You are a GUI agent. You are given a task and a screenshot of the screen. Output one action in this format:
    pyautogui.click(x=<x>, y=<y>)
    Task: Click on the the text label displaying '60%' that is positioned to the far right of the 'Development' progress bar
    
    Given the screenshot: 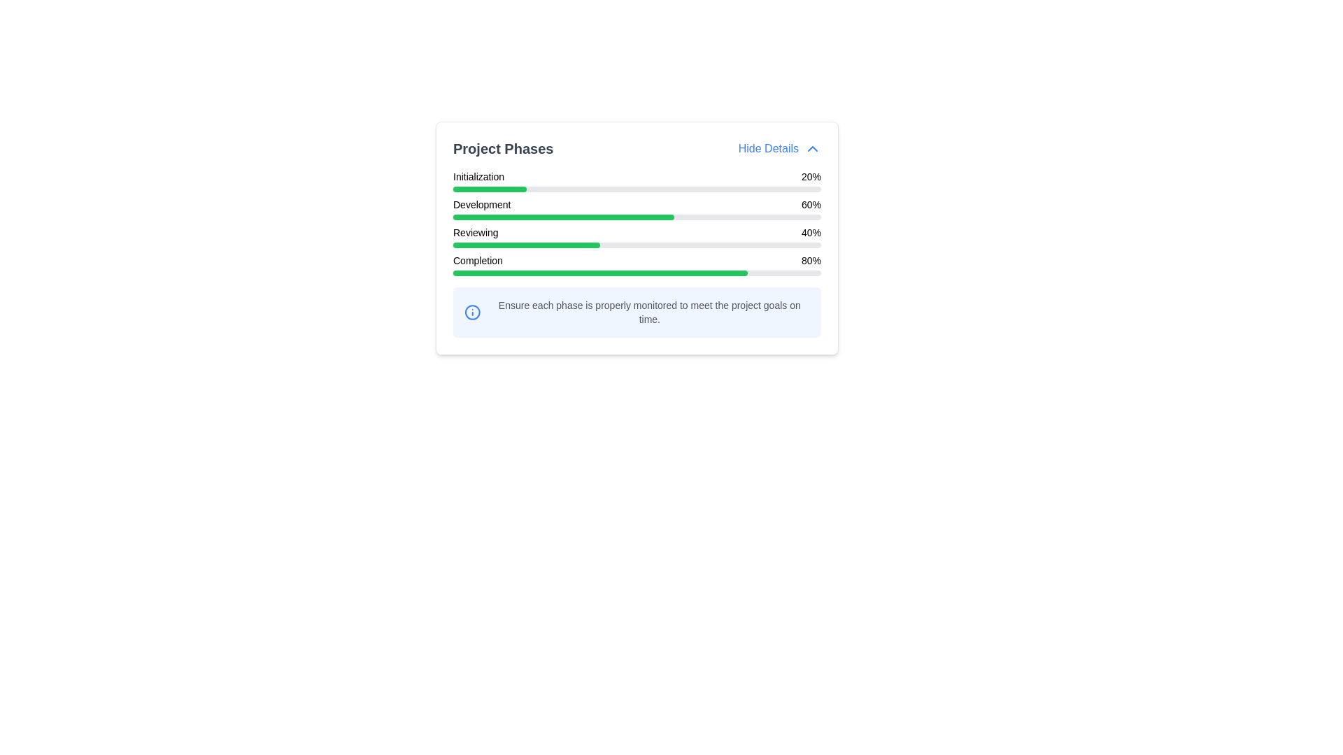 What is the action you would take?
    pyautogui.click(x=811, y=205)
    